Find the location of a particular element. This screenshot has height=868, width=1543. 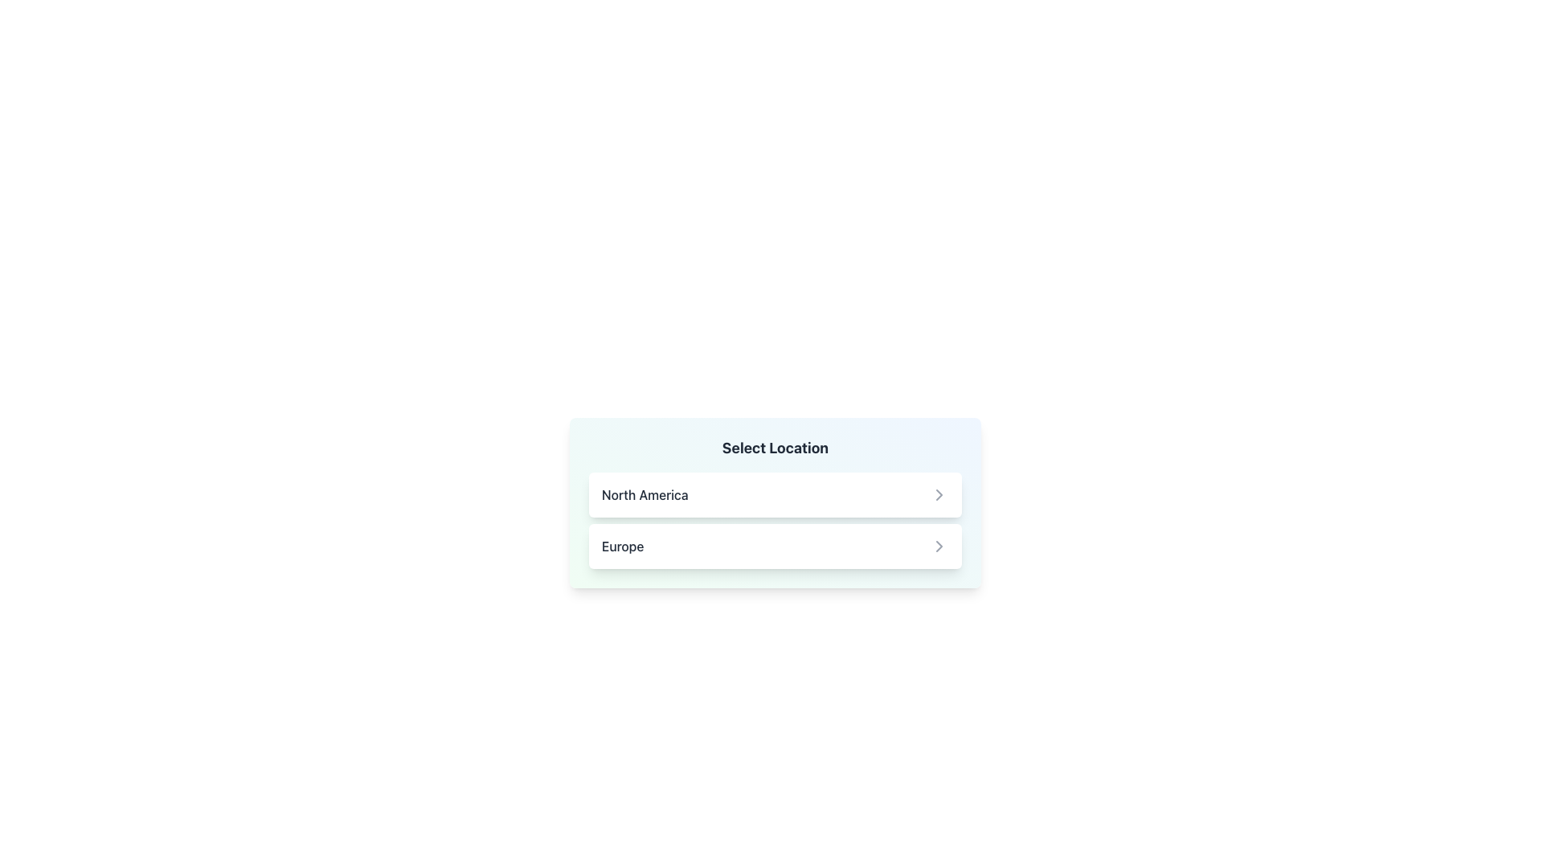

the text label reading 'North America', which is styled in bold dark gray font against a white background, located in the first row of a vertical list above 'Europe' is located at coordinates (645, 494).